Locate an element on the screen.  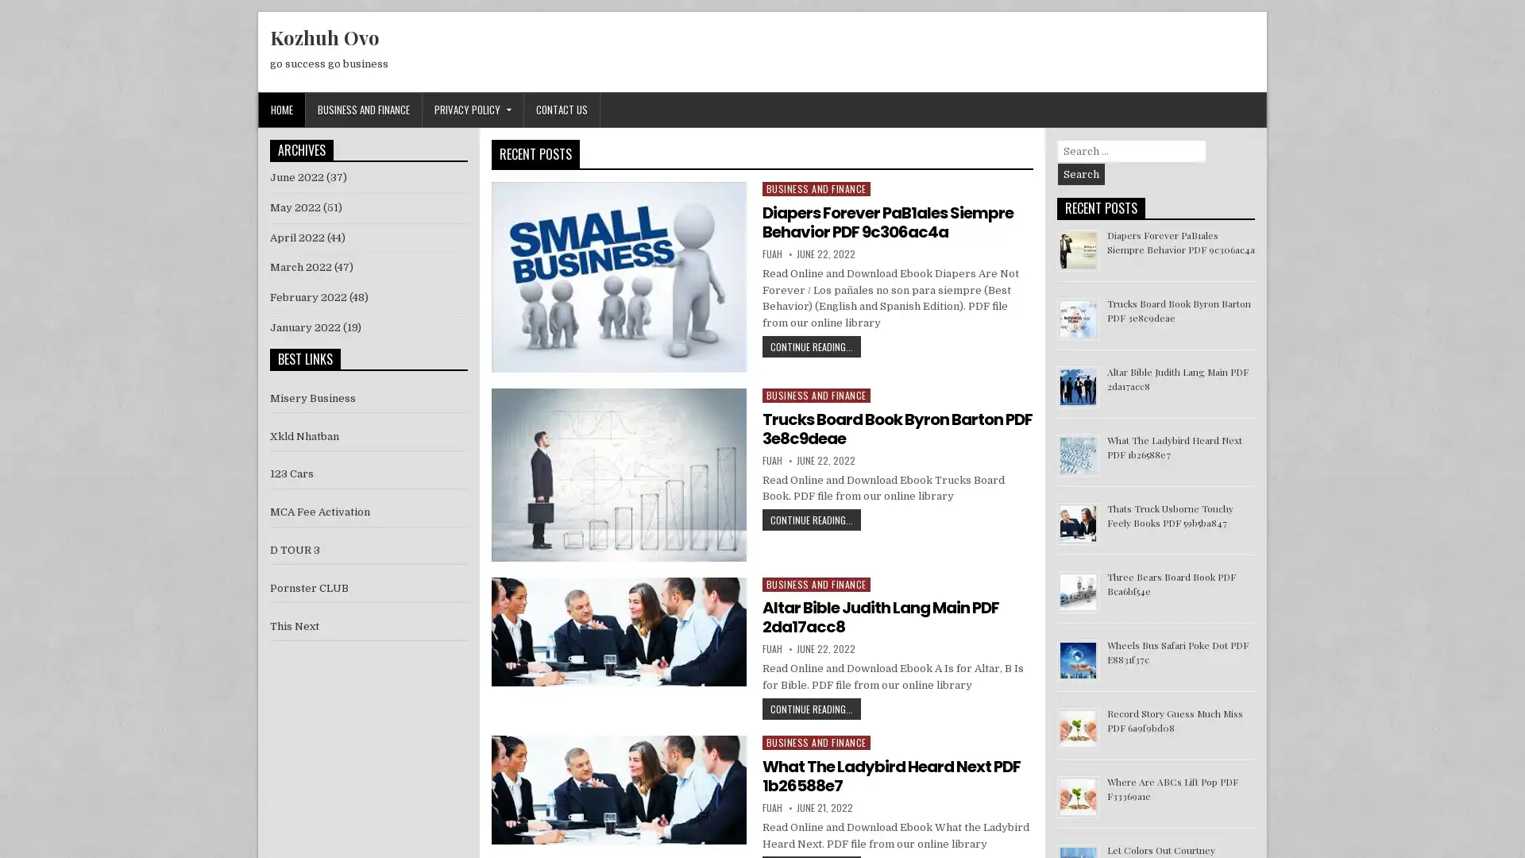
Search is located at coordinates (1080, 174).